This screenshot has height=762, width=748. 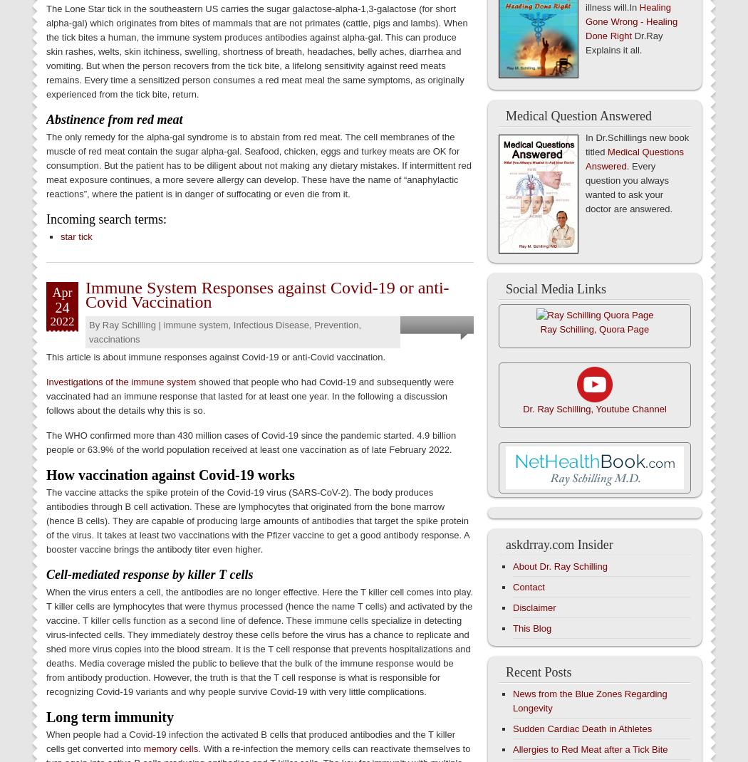 What do you see at coordinates (257, 164) in the screenshot?
I see `'The only remedy for the alpha-gal syndrome is to abstain from red meat. The cell membranes of the muscle of red meat contain the sugar alpha-gal. Seafood, chicken, eggs and turkey meats are OK for consumption. But the patient has to be diligent about not making any dietary mistakes. If intermittent red meat exposure continues, a more severe allergy can develop. These have the name of “anaphylactic reactions”, where the patient is in danger of suffocating or even die from it.'` at bounding box center [257, 164].